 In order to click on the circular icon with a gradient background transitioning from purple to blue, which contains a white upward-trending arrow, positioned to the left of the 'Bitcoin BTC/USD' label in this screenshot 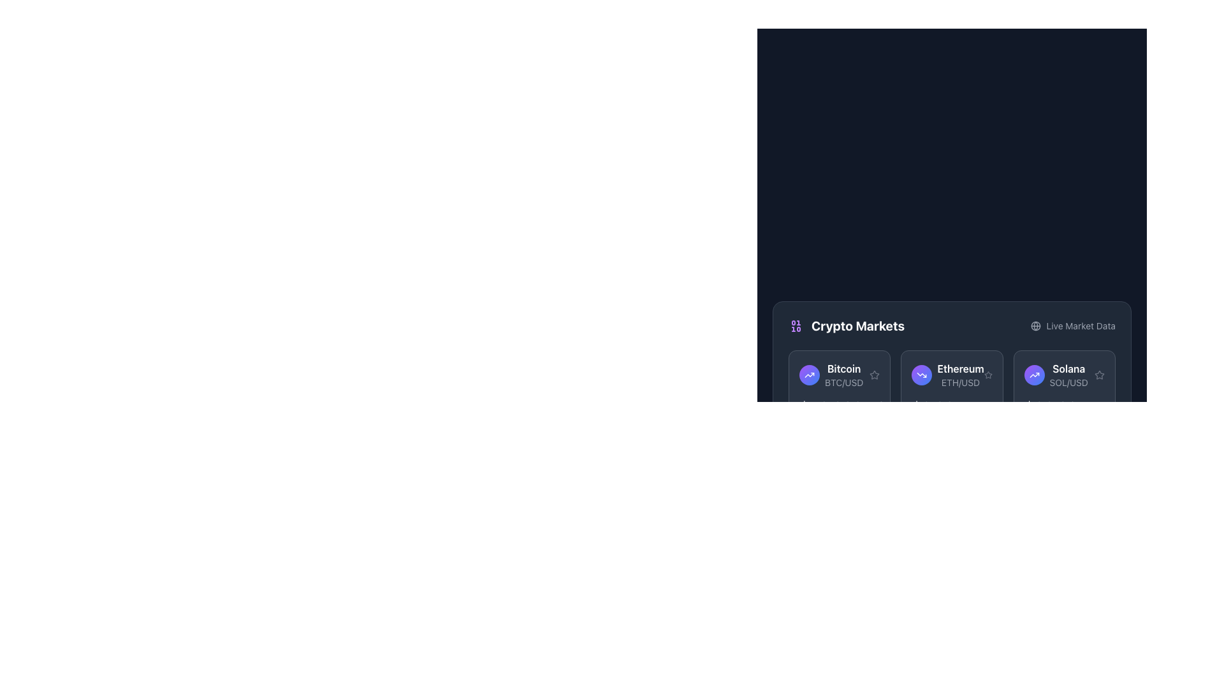, I will do `click(809, 375)`.